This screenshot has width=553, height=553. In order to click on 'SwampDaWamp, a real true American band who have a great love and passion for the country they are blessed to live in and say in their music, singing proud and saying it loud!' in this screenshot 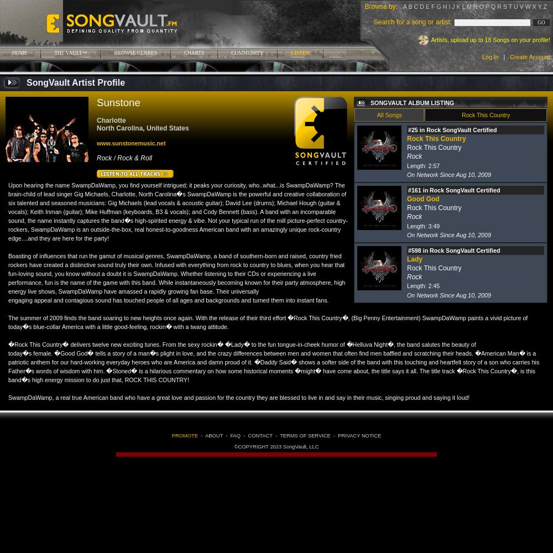, I will do `click(239, 397)`.